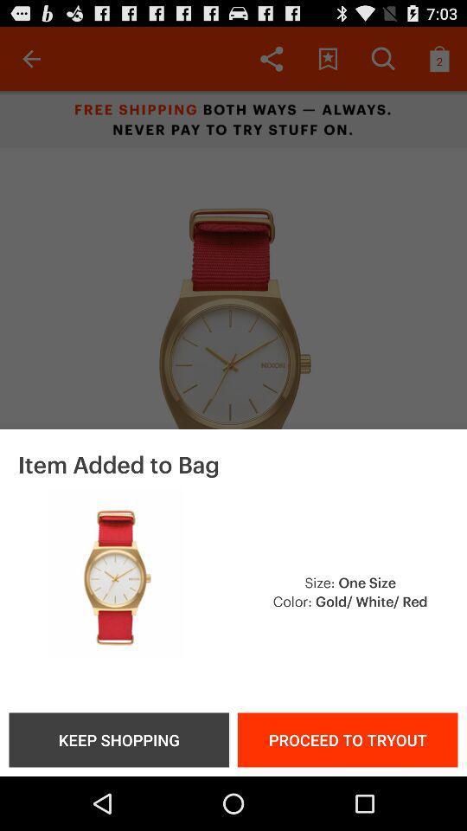  What do you see at coordinates (118, 738) in the screenshot?
I see `the keep shopping` at bounding box center [118, 738].